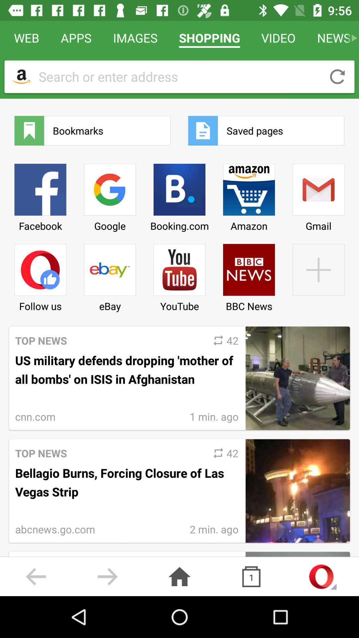 The height and width of the screenshot is (638, 359). What do you see at coordinates (36, 576) in the screenshot?
I see `the arrow_backward icon` at bounding box center [36, 576].